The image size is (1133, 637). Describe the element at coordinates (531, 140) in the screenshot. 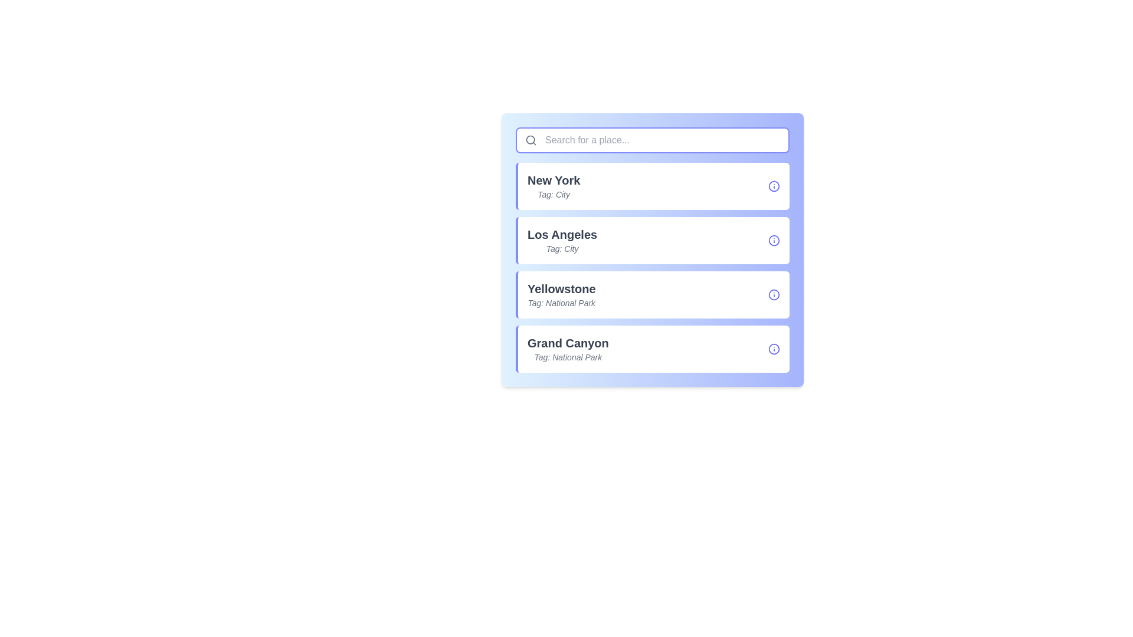

I see `the magnifying glass icon located on the left side inside the search bar, just before the placeholder text 'Search for a place...'` at that location.